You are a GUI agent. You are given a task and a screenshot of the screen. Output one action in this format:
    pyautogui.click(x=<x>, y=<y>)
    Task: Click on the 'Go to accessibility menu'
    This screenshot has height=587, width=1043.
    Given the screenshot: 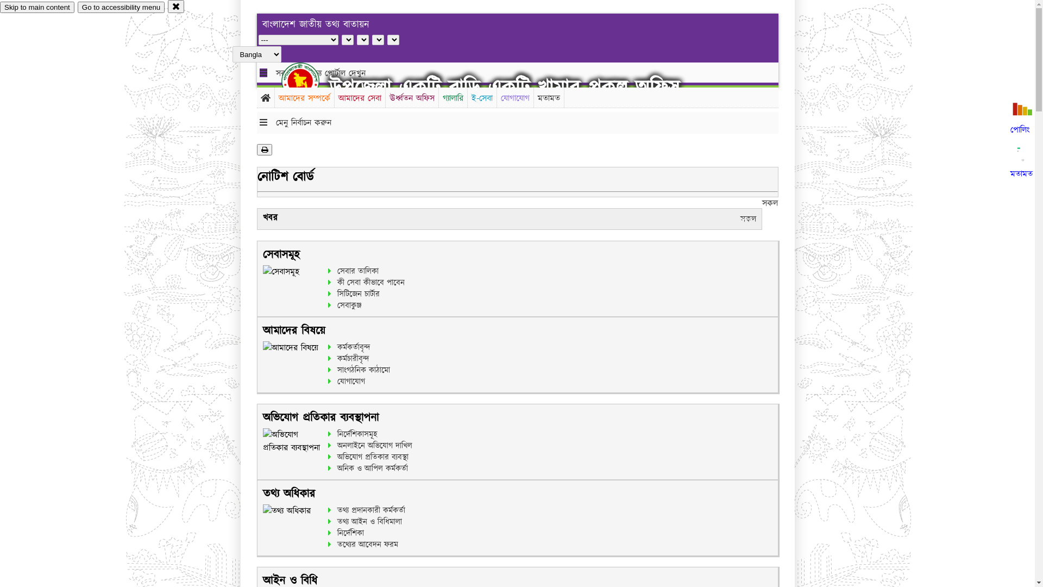 What is the action you would take?
    pyautogui.click(x=121, y=7)
    